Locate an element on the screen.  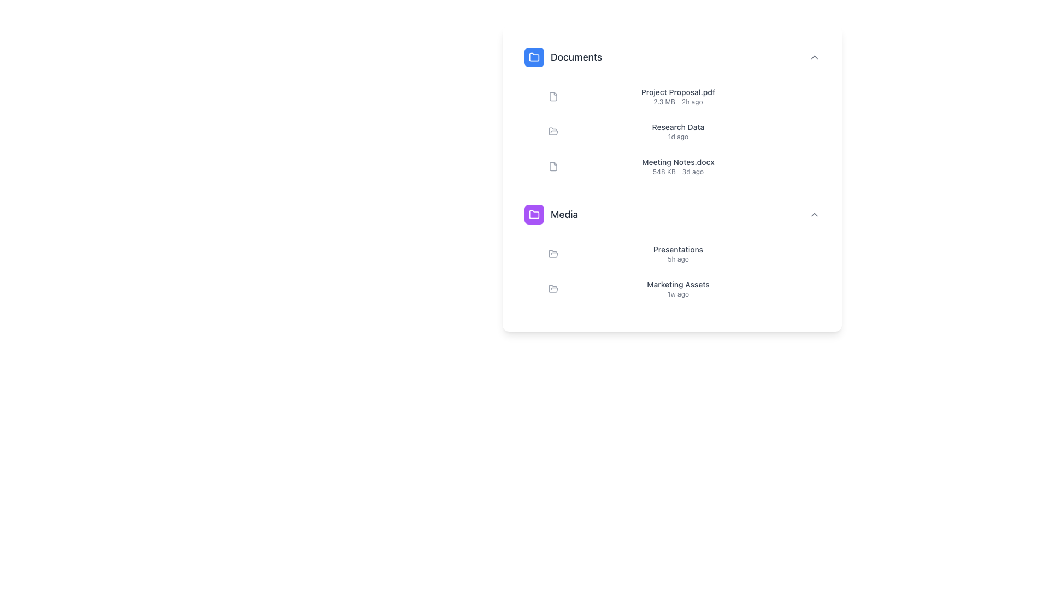
the file entry icon for 'Project Proposal.pdf' located in the vertical list under the 'Documents' section is located at coordinates (553, 96).